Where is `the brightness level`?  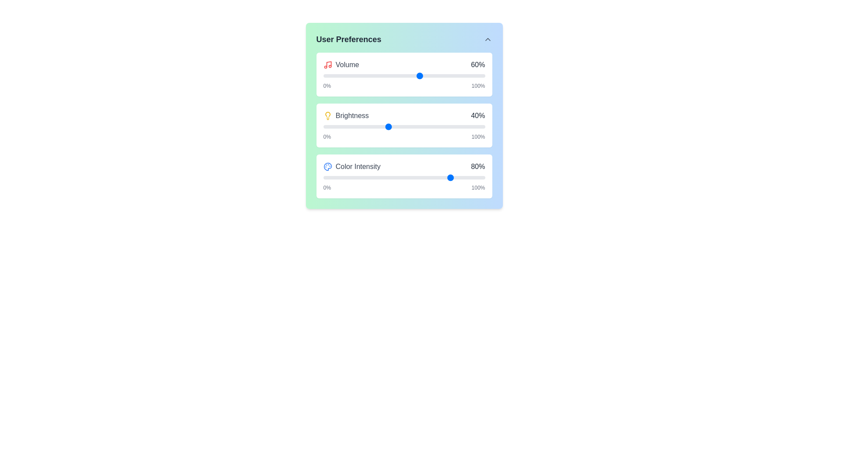 the brightness level is located at coordinates (354, 127).